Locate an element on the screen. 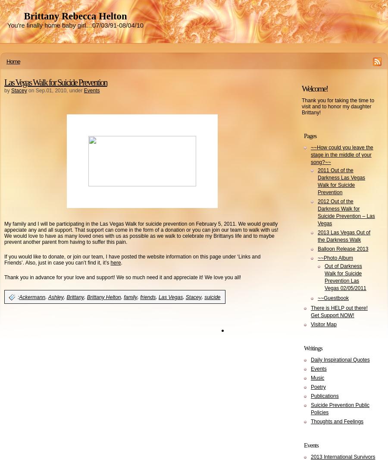 This screenshot has height=460, width=388. '~~How could you leave the stage in the middle of your song?~~' is located at coordinates (341, 155).